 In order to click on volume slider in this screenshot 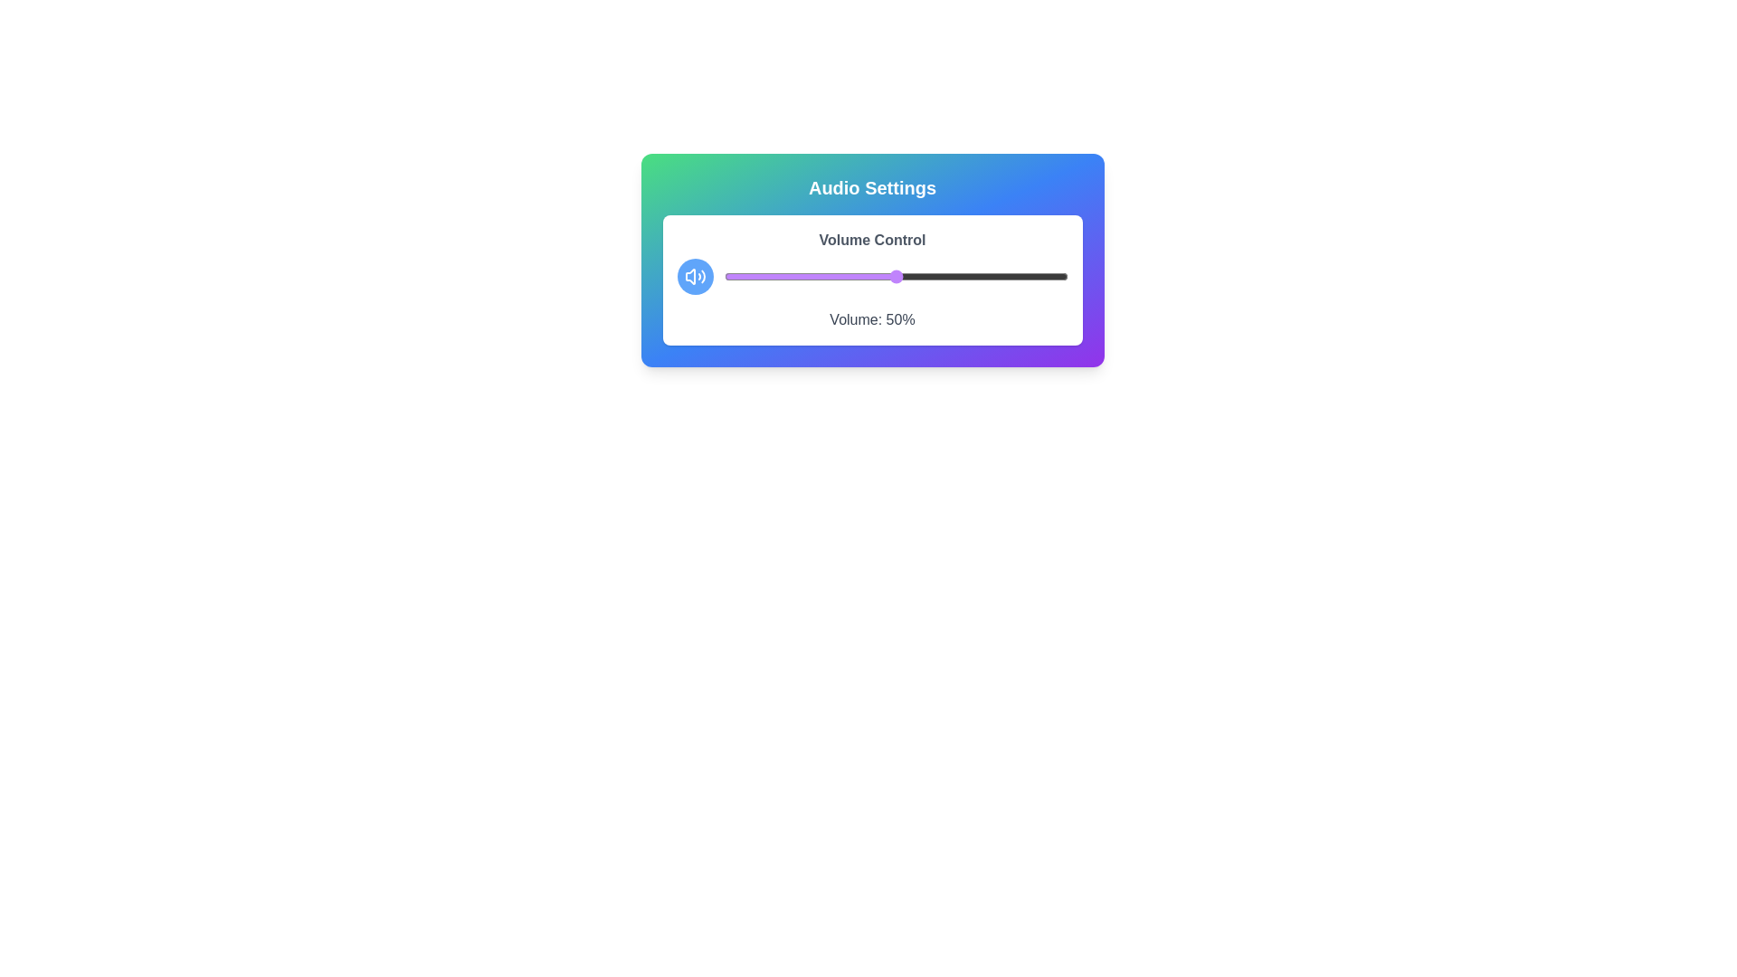, I will do `click(1033, 276)`.